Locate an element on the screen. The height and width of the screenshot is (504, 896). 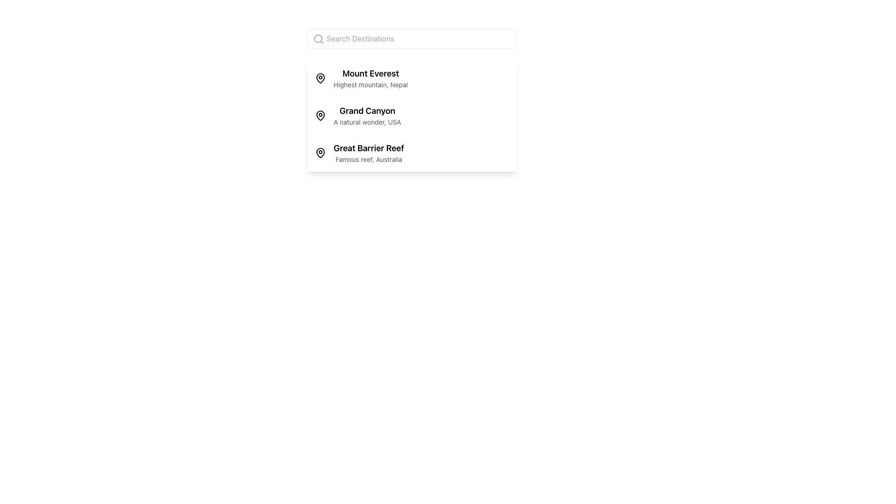
descriptive text element that provides information about 'Mount Everest', positioned below its title in the dropdown menu is located at coordinates (370, 84).